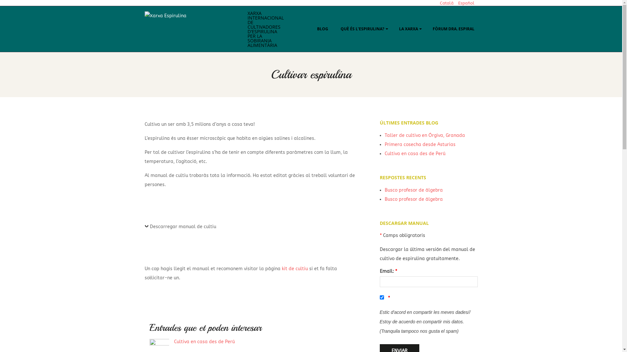 The width and height of the screenshot is (627, 352). I want to click on 'LA XARXA', so click(409, 28).